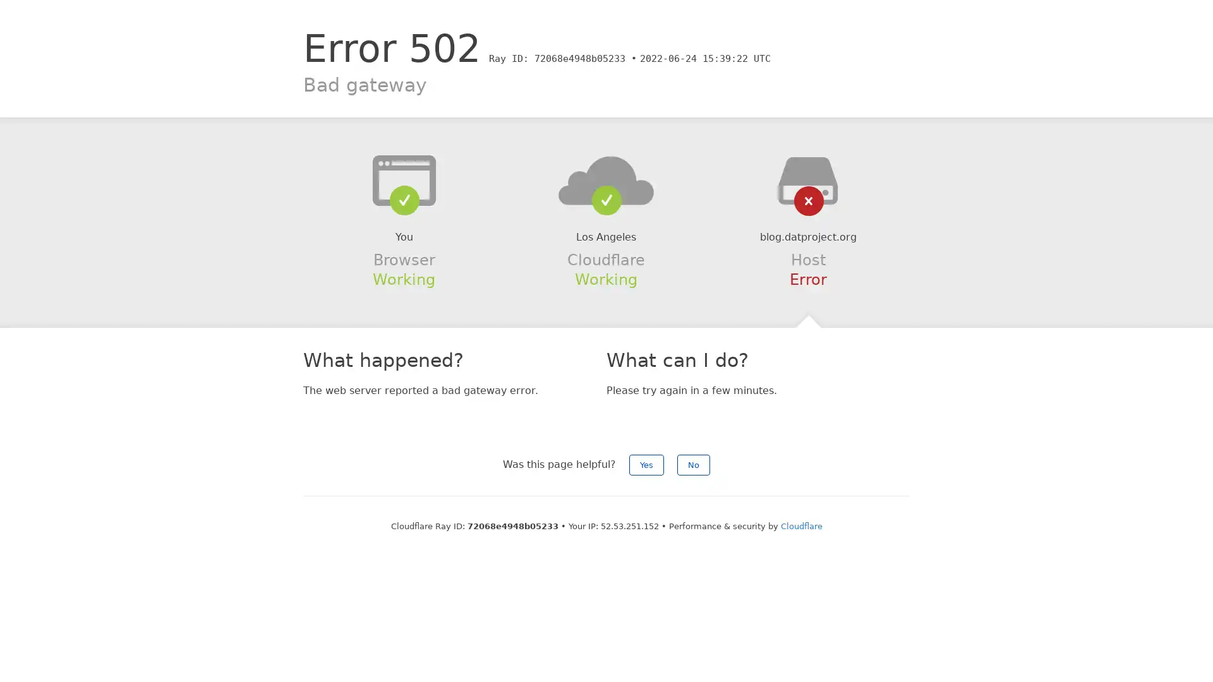 Image resolution: width=1213 pixels, height=682 pixels. What do you see at coordinates (693, 465) in the screenshot?
I see `No` at bounding box center [693, 465].